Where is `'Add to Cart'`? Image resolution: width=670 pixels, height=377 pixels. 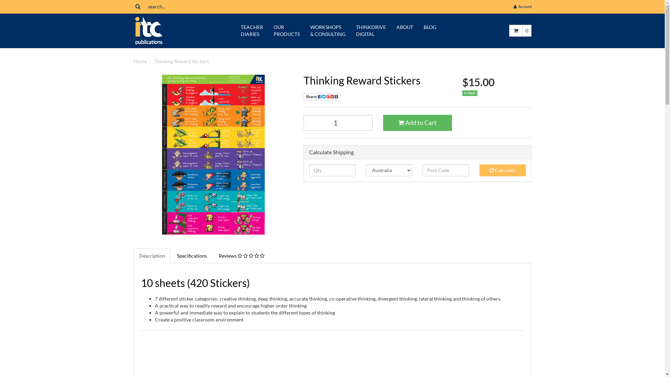 'Add to Cart' is located at coordinates (417, 122).